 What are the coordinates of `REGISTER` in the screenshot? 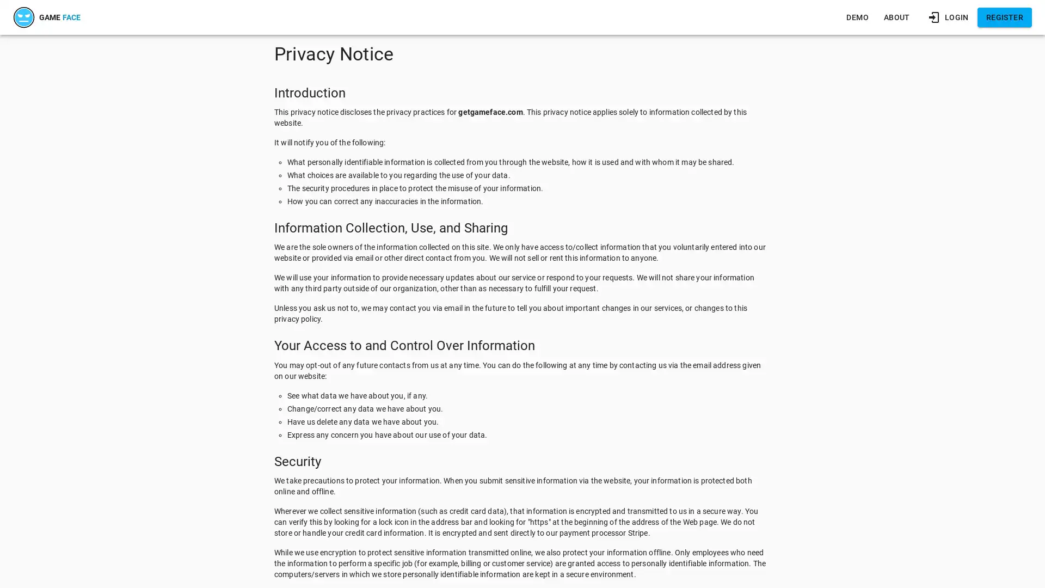 It's located at (1004, 17).